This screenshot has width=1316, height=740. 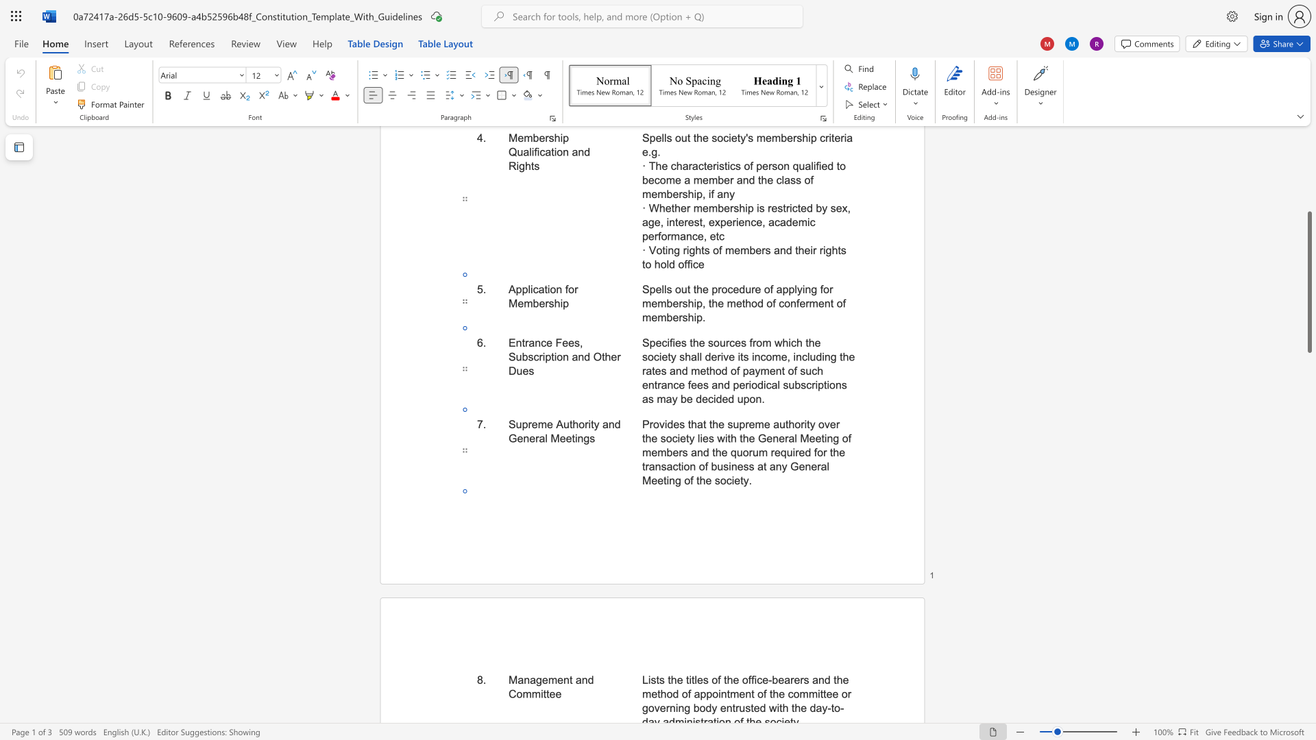 I want to click on the space between the continuous character "u" and "p" in the text, so click(x=521, y=423).